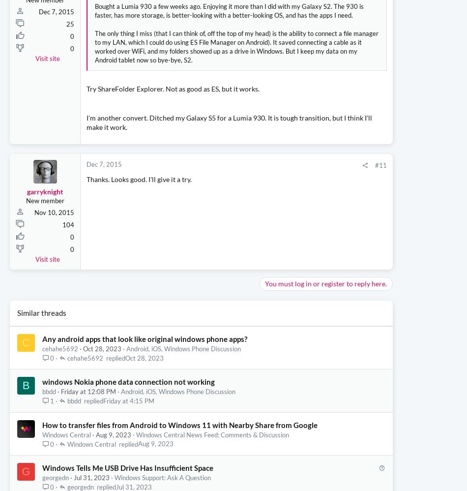 This screenshot has height=491, width=467. What do you see at coordinates (190, 142) in the screenshot?
I see `'Click to expand...'` at bounding box center [190, 142].